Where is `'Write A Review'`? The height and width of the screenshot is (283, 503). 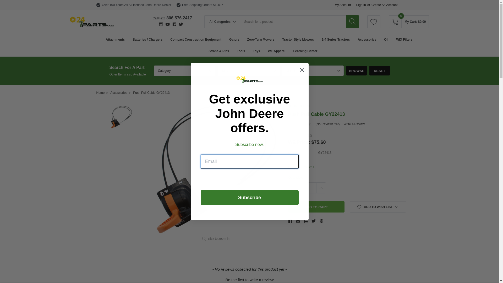
'Write A Review' is located at coordinates (354, 124).